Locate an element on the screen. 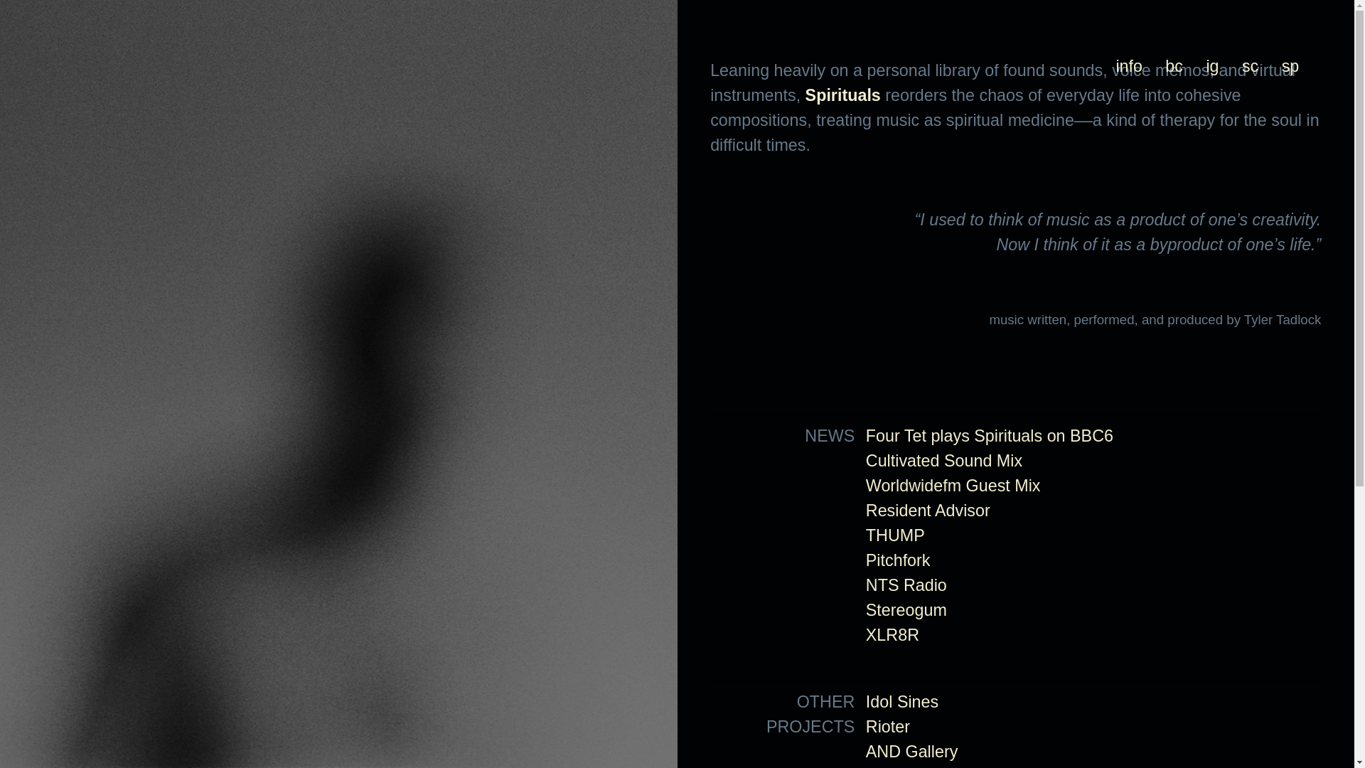 The height and width of the screenshot is (768, 1365). 'bc' is located at coordinates (1165, 66).